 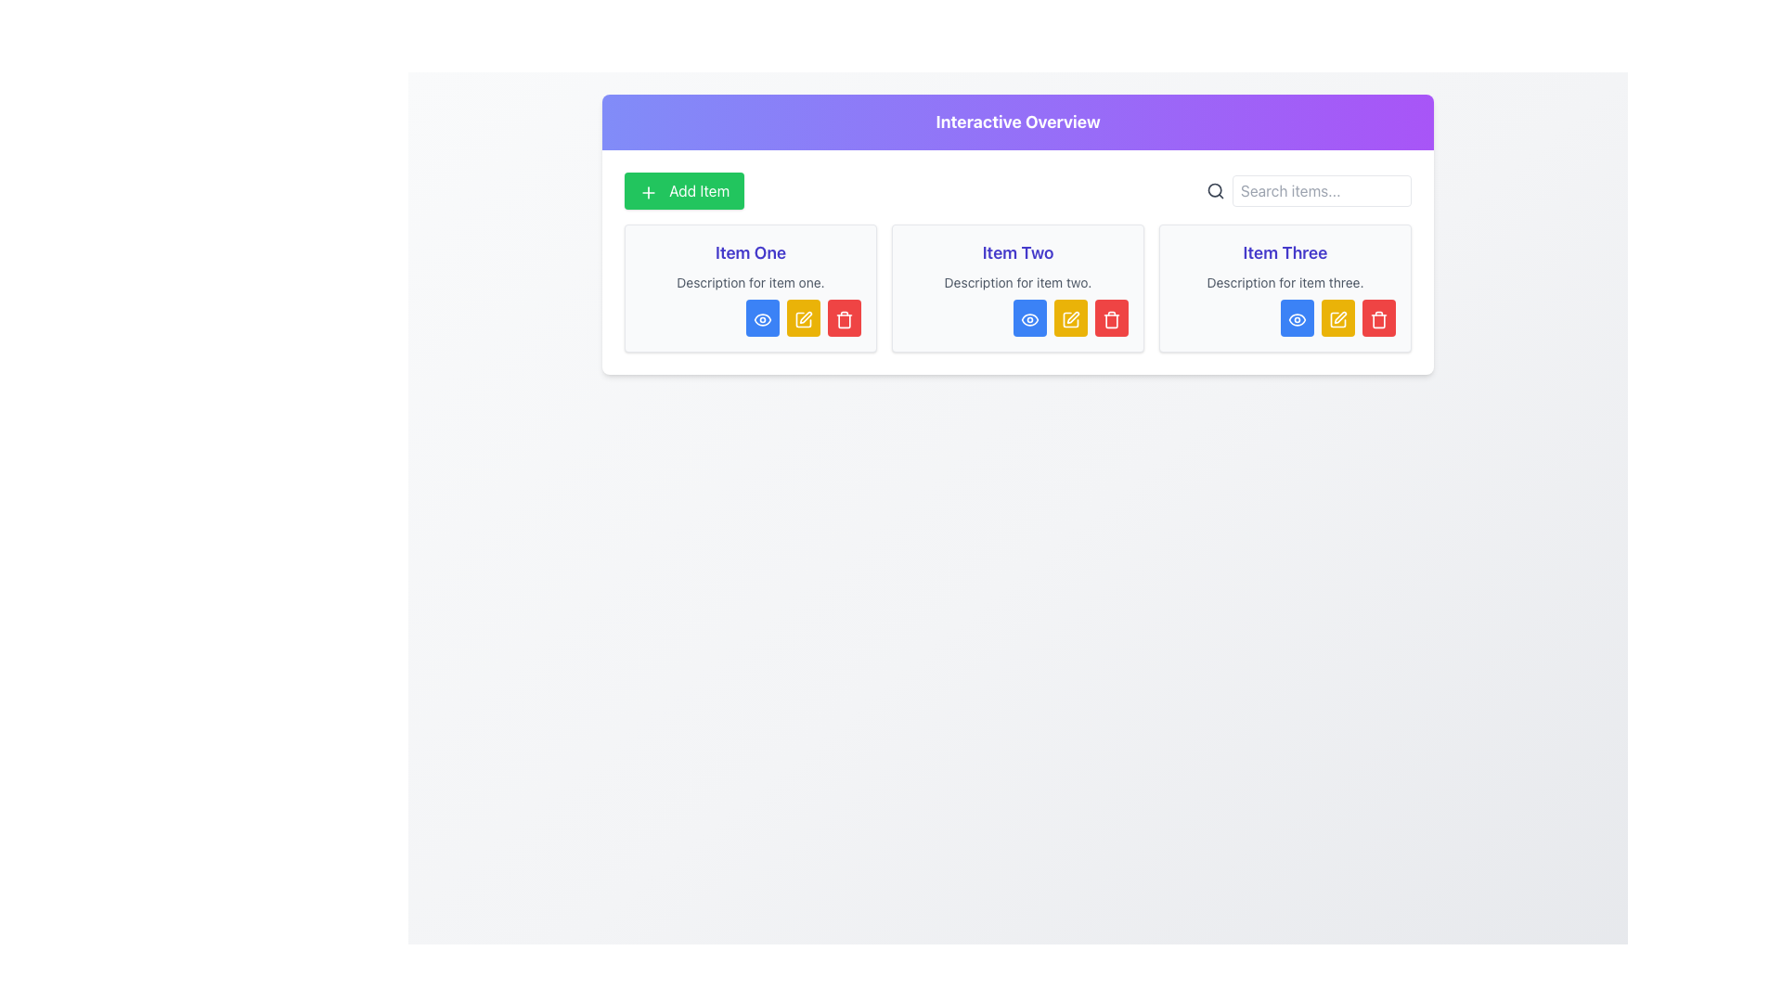 I want to click on the edit action icon for 'Item Two', which is the second icon in the button group located beneath it, so click(x=1070, y=317).